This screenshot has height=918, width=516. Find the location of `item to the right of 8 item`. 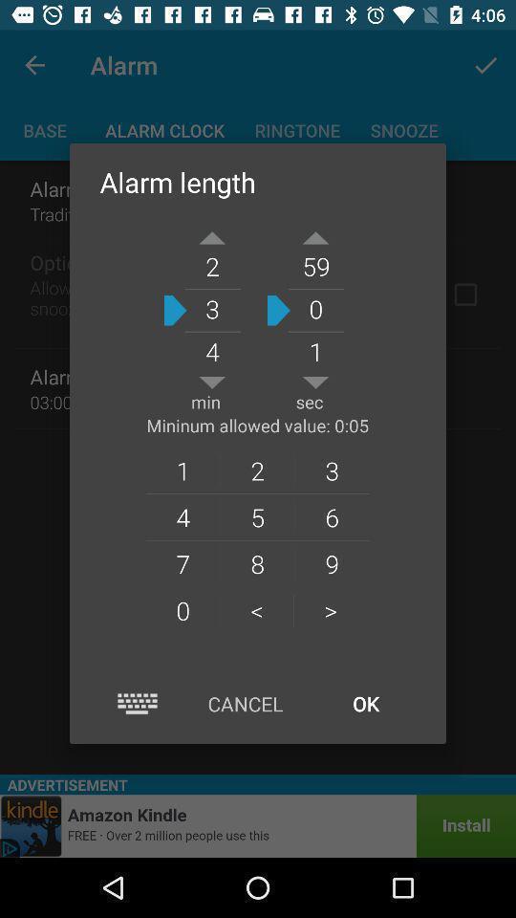

item to the right of 8 item is located at coordinates (330, 609).